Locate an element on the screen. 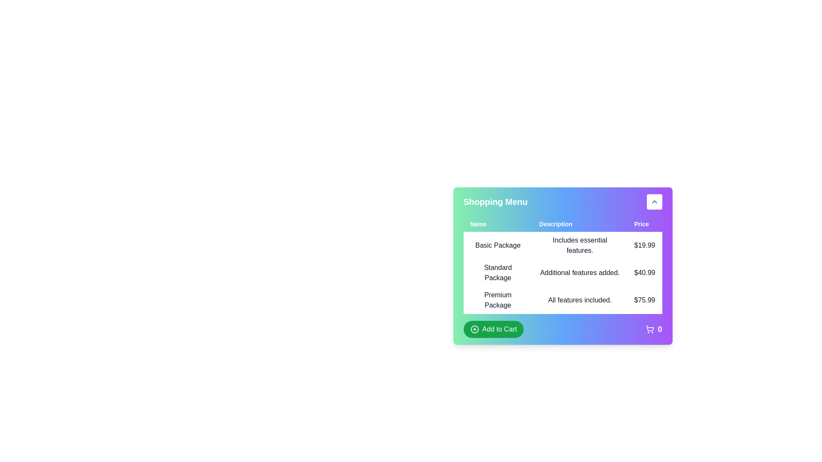 This screenshot has height=462, width=822. the shopping cart icon located at the bottom-right corner of the visible card, next to the 'Add to Cart' button is located at coordinates (653, 329).